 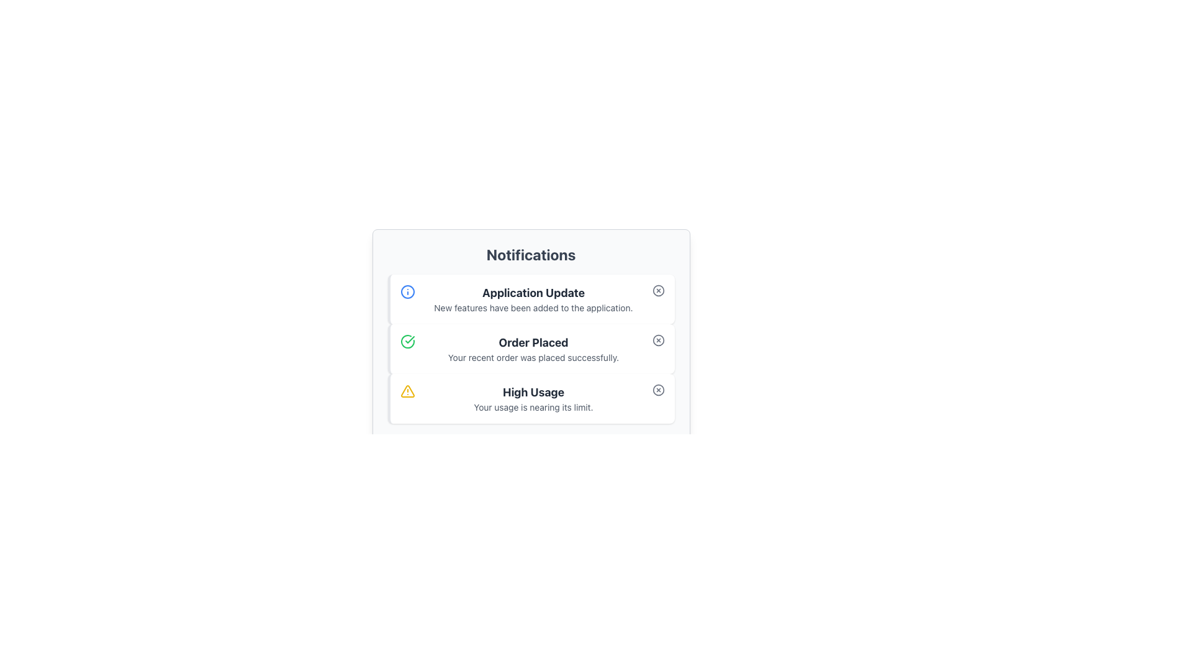 I want to click on the text that reads 'Your recent order was placed successfully.', which is displayed in a small gray font beneath the heading 'Order Placed' within the notification section, so click(x=533, y=357).